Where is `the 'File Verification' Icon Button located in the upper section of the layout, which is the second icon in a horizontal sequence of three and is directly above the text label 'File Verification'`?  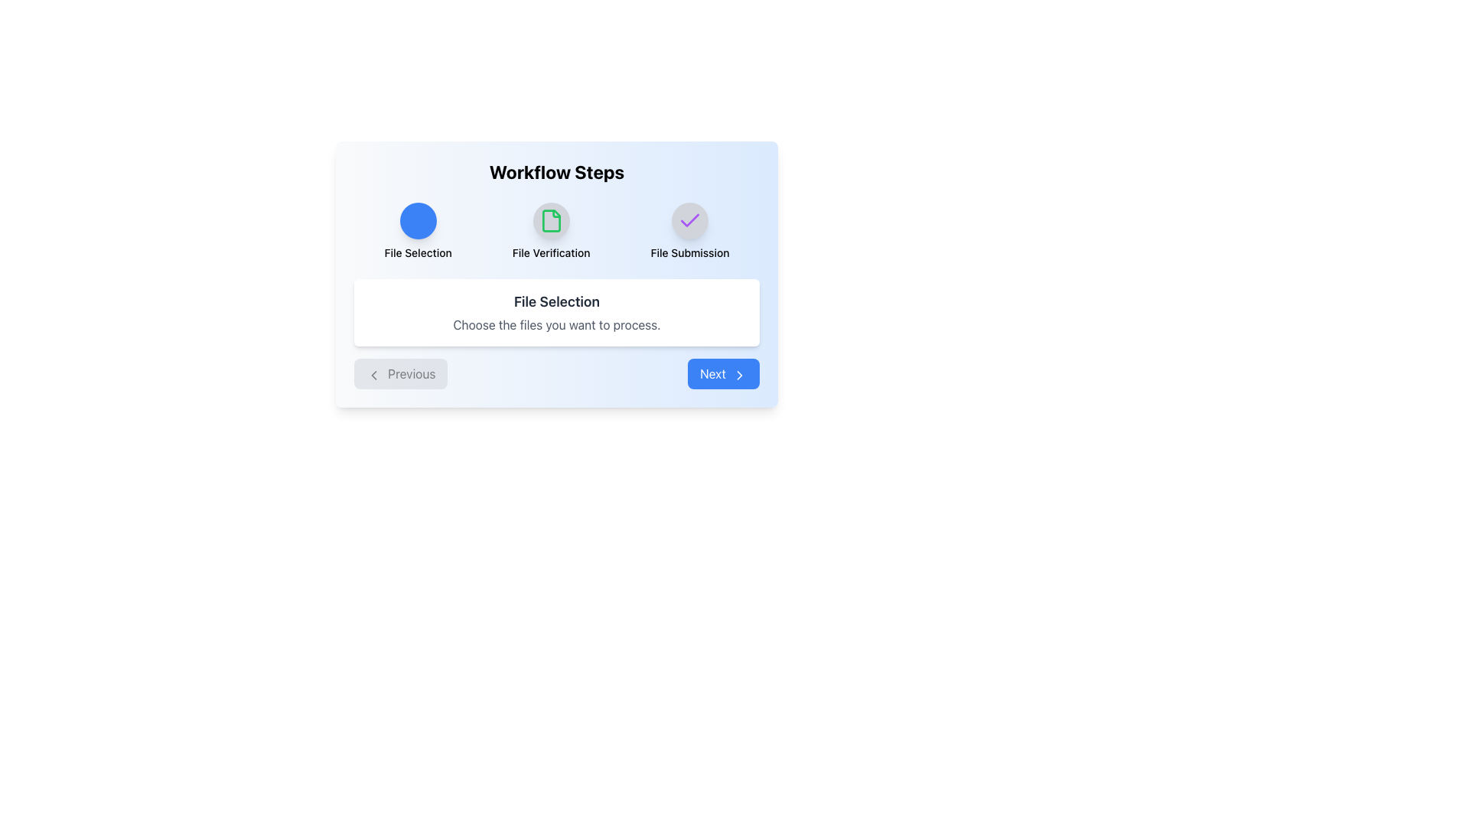
the 'File Verification' Icon Button located in the upper section of the layout, which is the second icon in a horizontal sequence of three and is directly above the text label 'File Verification' is located at coordinates (551, 221).